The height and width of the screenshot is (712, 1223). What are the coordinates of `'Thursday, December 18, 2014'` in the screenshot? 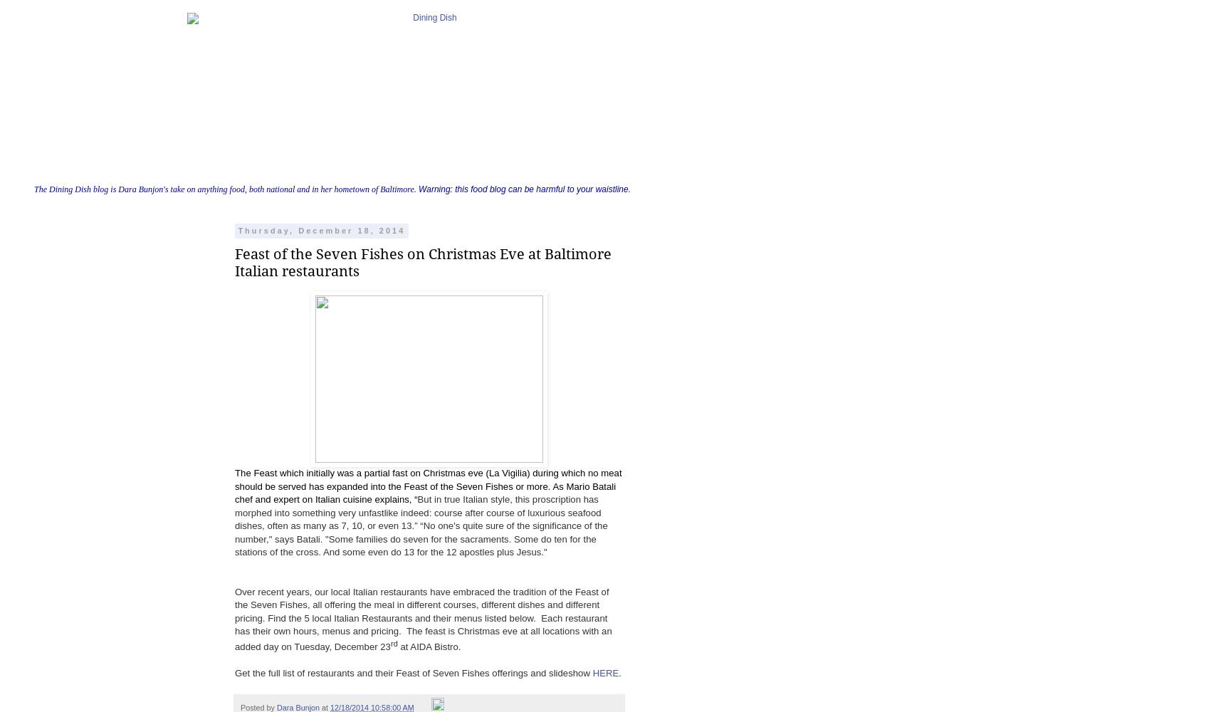 It's located at (237, 230).